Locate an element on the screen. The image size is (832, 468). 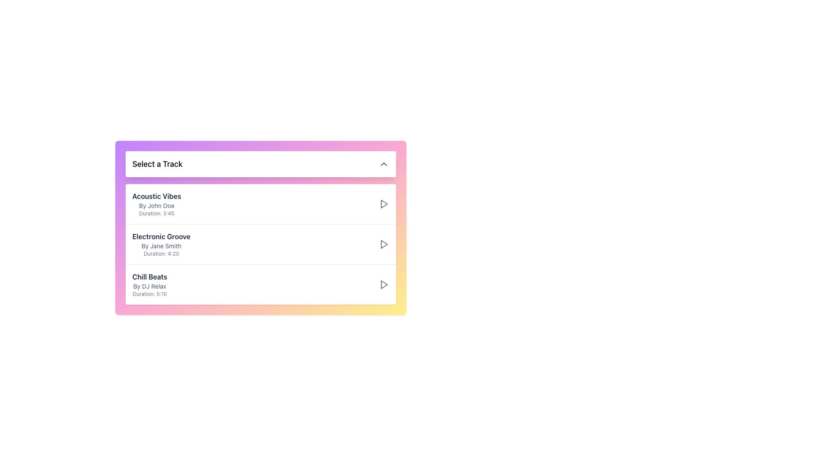
the second list item in the 'Select a Track' menu, which displays 'Electronic Groove' in bold, 'By Jane Smith' in gray, and 'Duration: 4:20' in lighter gray is located at coordinates (161, 244).